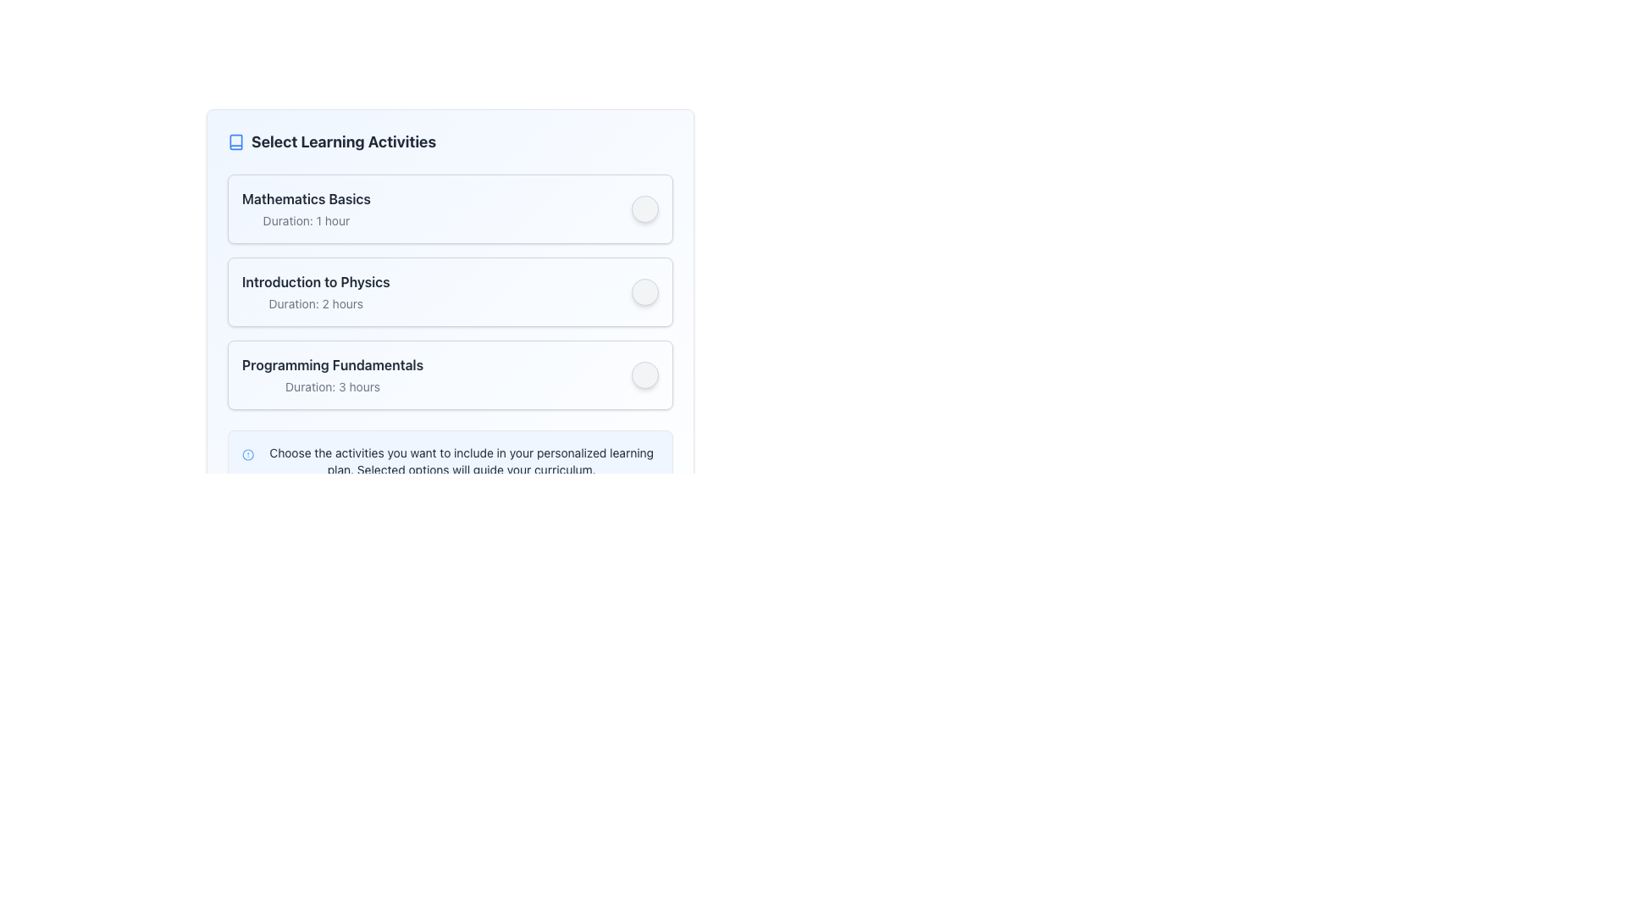  Describe the element at coordinates (247, 453) in the screenshot. I see `the outermost blue circular outline of the SVG element that represents an alert or notification, located at the bottom left of the user interface` at that location.